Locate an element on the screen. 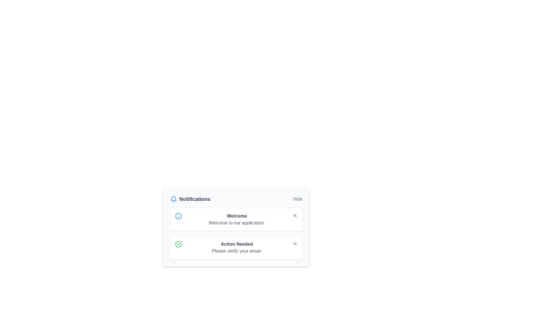 Image resolution: width=551 pixels, height=310 pixels. the button located at the end of the notifications panel is located at coordinates (298, 199).